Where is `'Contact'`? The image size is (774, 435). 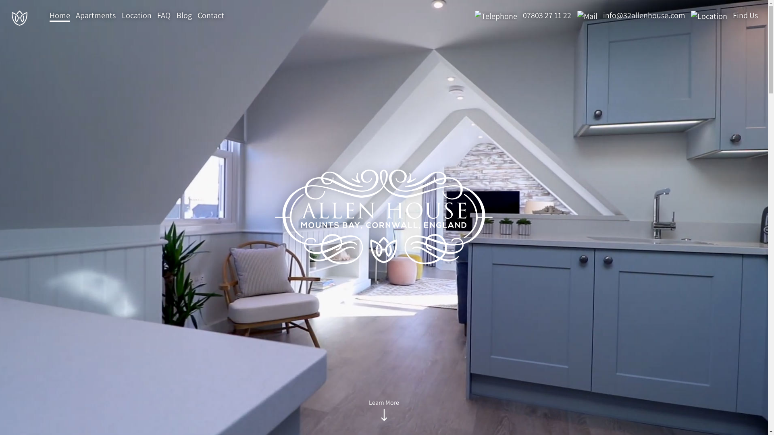
'Contact' is located at coordinates (211, 16).